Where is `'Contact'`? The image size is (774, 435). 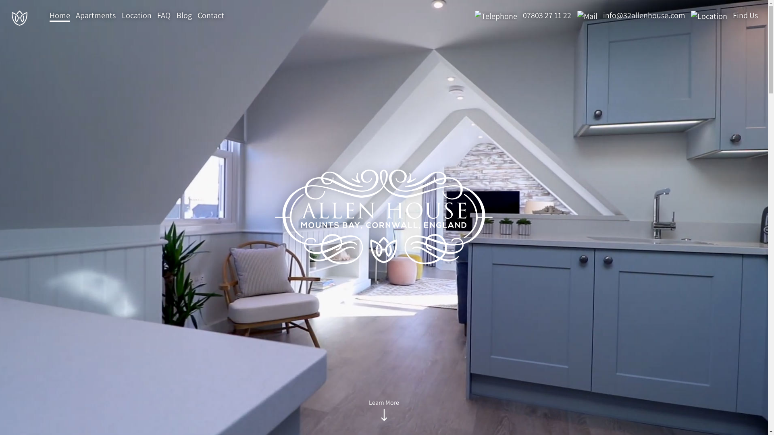
'Contact' is located at coordinates (211, 16).